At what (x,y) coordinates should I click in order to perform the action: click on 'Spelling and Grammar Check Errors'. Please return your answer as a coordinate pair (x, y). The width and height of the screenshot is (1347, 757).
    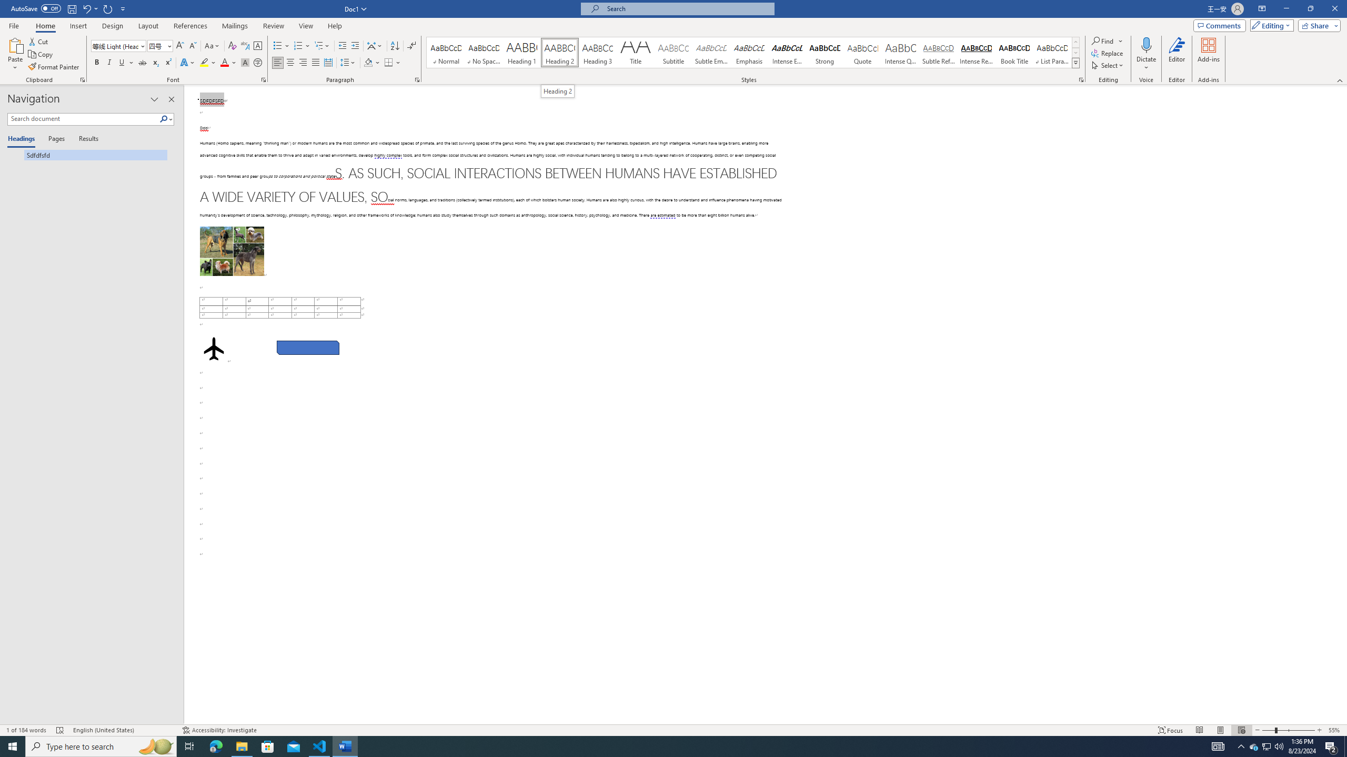
    Looking at the image, I should click on (60, 730).